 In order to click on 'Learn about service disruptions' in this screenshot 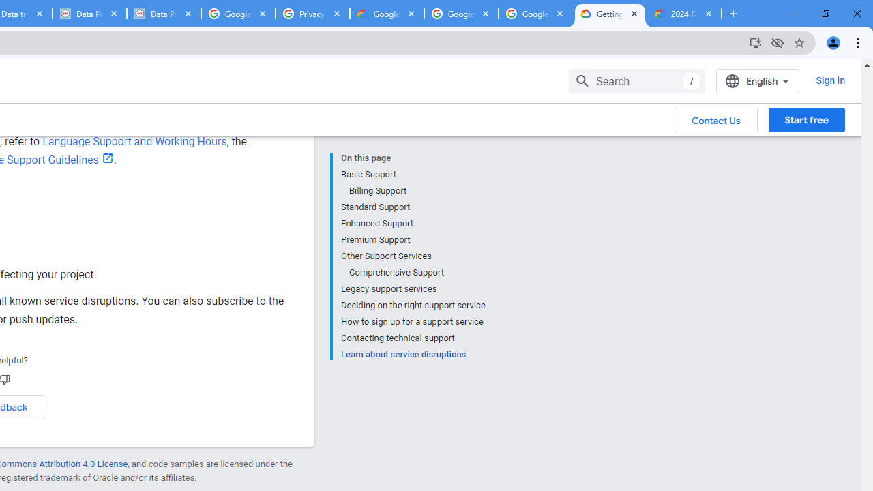, I will do `click(412, 353)`.